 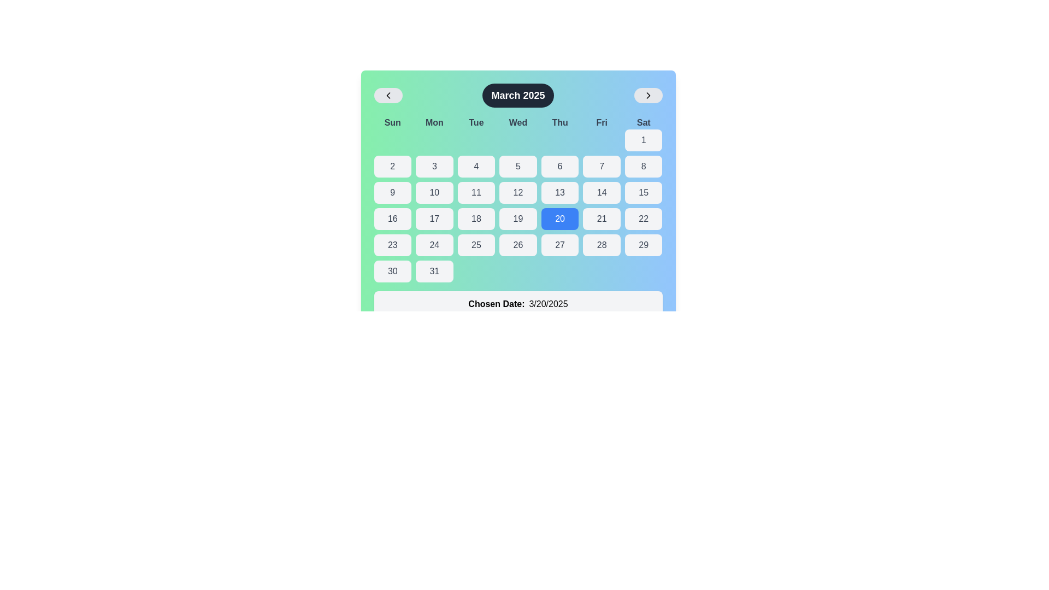 What do you see at coordinates (648, 95) in the screenshot?
I see `the navigation button located at the top-right of the calendar header, adjacent to the 'March 2025' label, which has a right-pointing chevron` at bounding box center [648, 95].